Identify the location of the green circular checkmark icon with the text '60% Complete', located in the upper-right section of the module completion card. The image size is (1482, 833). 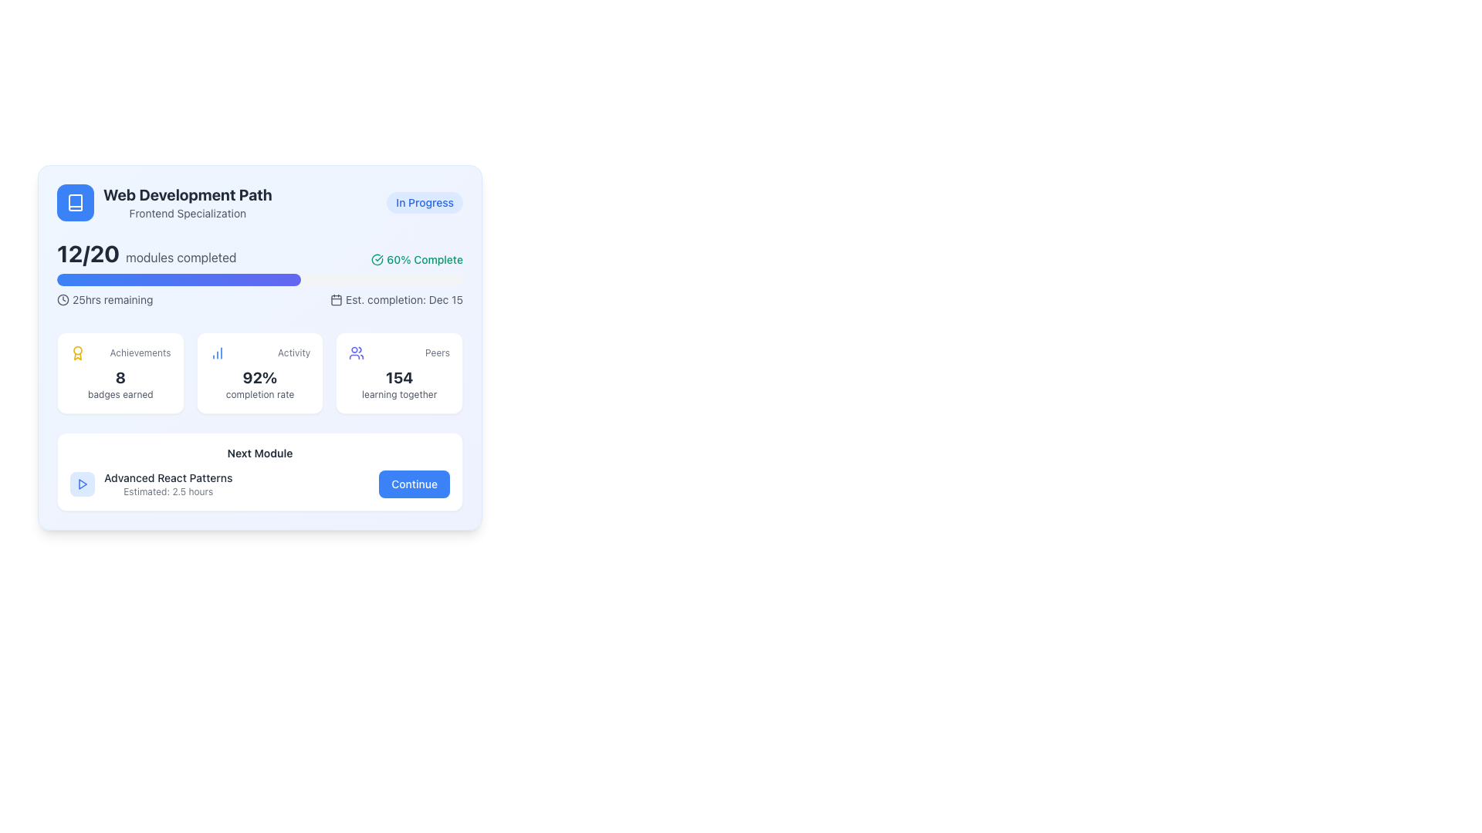
(417, 258).